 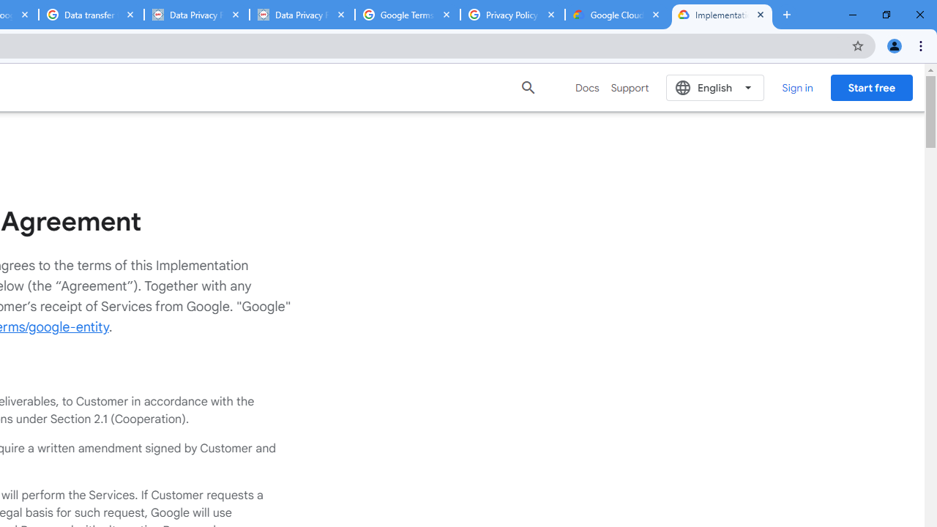 What do you see at coordinates (617, 15) in the screenshot?
I see `'Google Cloud Privacy Notice'` at bounding box center [617, 15].